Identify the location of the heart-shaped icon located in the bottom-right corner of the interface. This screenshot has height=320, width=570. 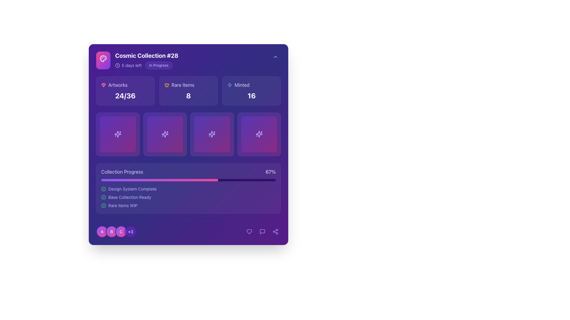
(249, 231).